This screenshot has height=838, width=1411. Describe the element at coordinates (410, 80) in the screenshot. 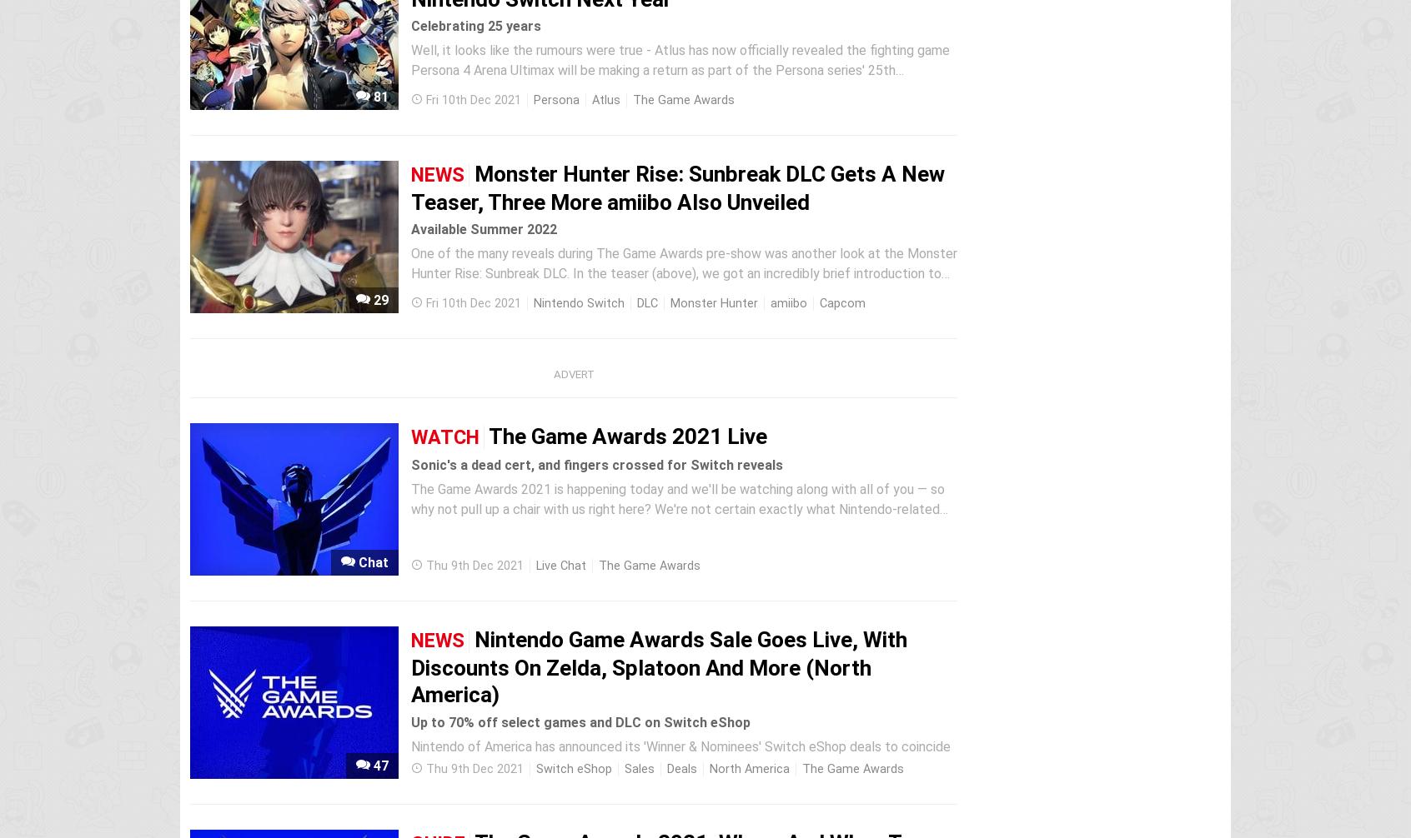

I see `'Well, it looks like the rumours were true - Atlus has now officially revealed the fighting game Persona 4 Arena Ultimax will be making a return as part of the Persona series' 25th anniversary celebrations. 
It'll be arriving on the Nintendo Switch and multiple other platforms next year on 17th March. According to Atlus, it'll...'` at that location.